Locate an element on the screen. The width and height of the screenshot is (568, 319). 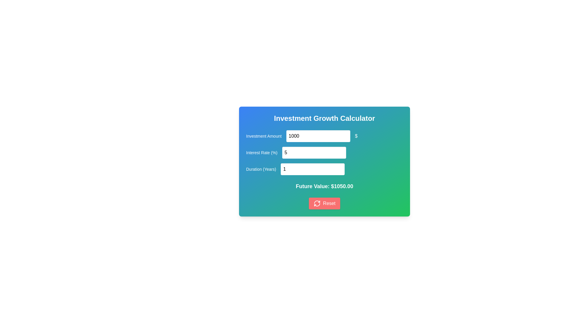
the Text label that displays the output of the calculation in the 'Investment Growth Calculator', located above the 'Reset' button is located at coordinates (324, 186).